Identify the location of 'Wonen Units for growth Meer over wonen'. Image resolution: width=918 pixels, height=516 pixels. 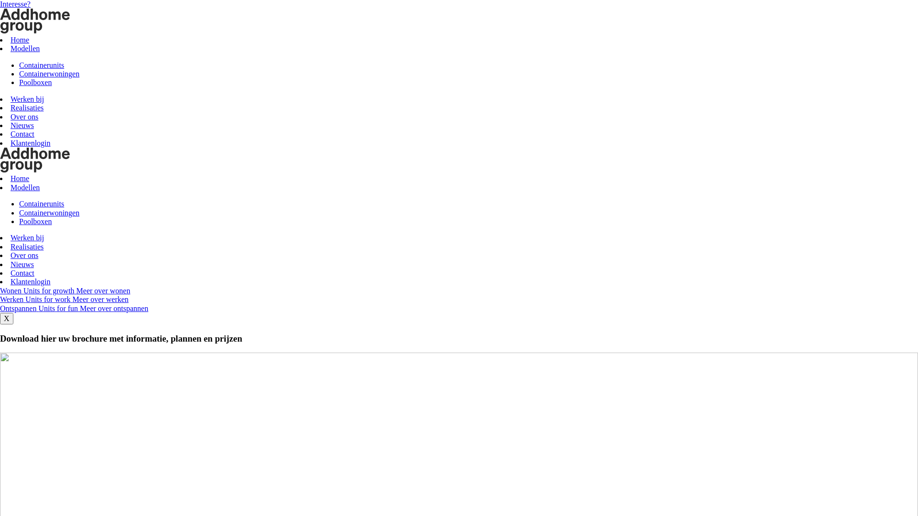
(64, 290).